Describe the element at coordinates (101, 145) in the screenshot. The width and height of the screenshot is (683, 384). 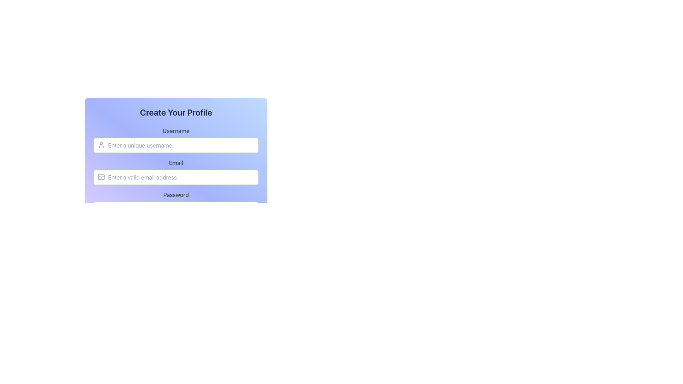
I see `the user profile icon located at the far left inside the username input field of the 'Create Your Profile' section` at that location.